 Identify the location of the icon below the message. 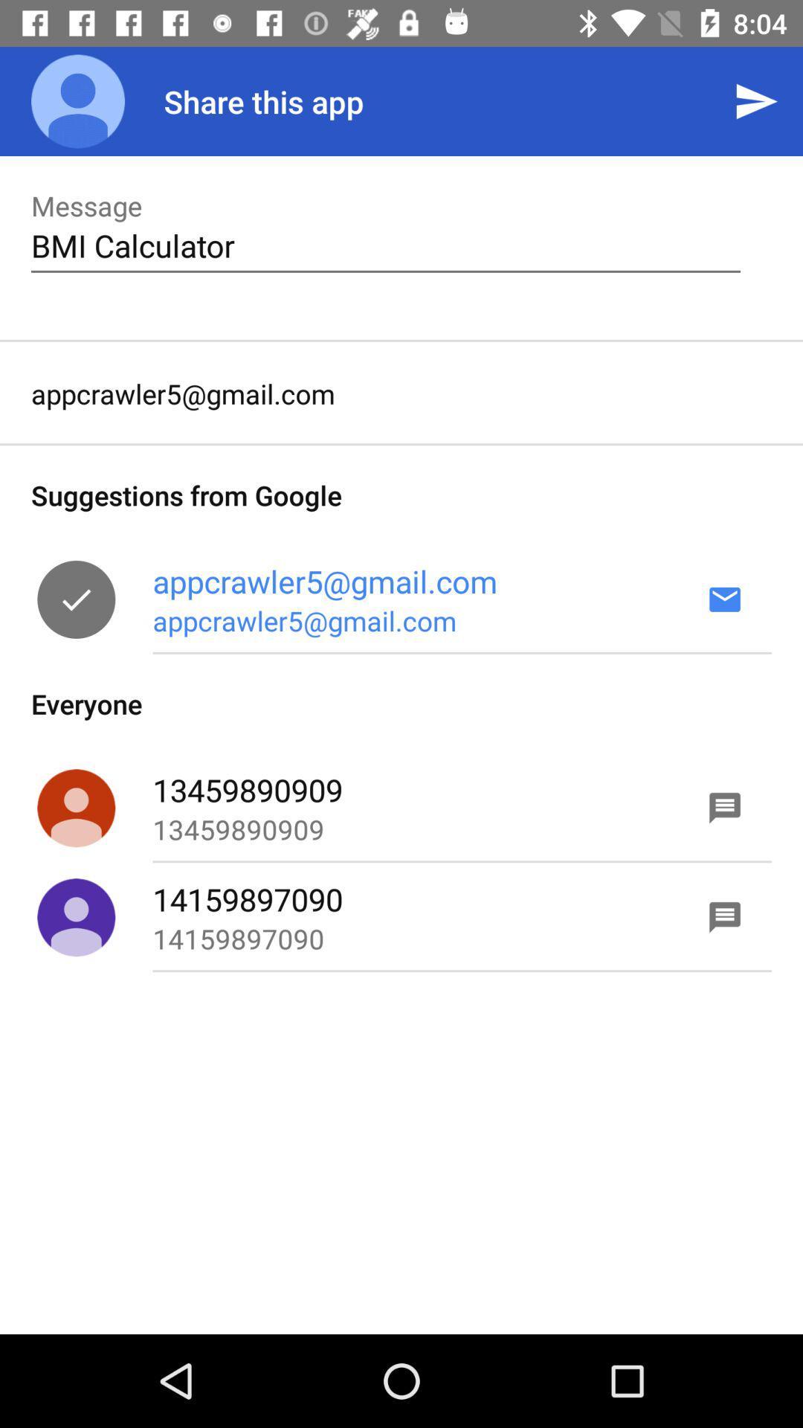
(385, 245).